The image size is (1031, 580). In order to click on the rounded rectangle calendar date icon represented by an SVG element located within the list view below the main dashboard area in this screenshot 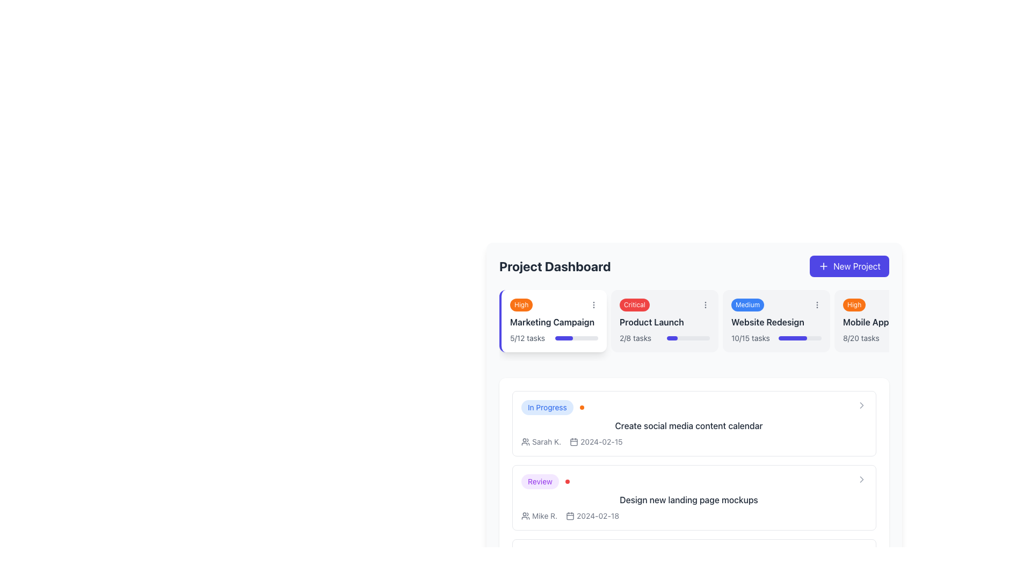, I will do `click(573, 442)`.